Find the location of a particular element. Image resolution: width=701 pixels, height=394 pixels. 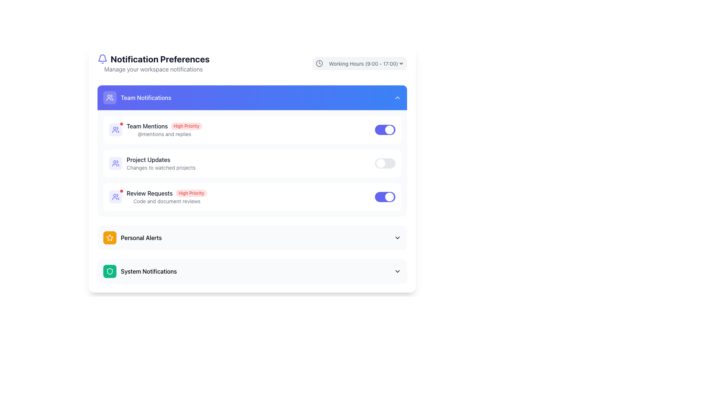

the static text display that shows 'Code and document reviews', located below the 'Review Requests' title and 'High Priority' badge in the notifications list is located at coordinates (166, 201).